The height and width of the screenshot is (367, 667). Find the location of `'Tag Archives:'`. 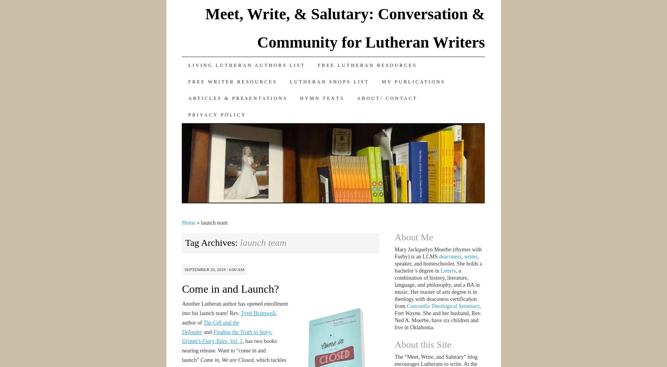

'Tag Archives:' is located at coordinates (212, 242).